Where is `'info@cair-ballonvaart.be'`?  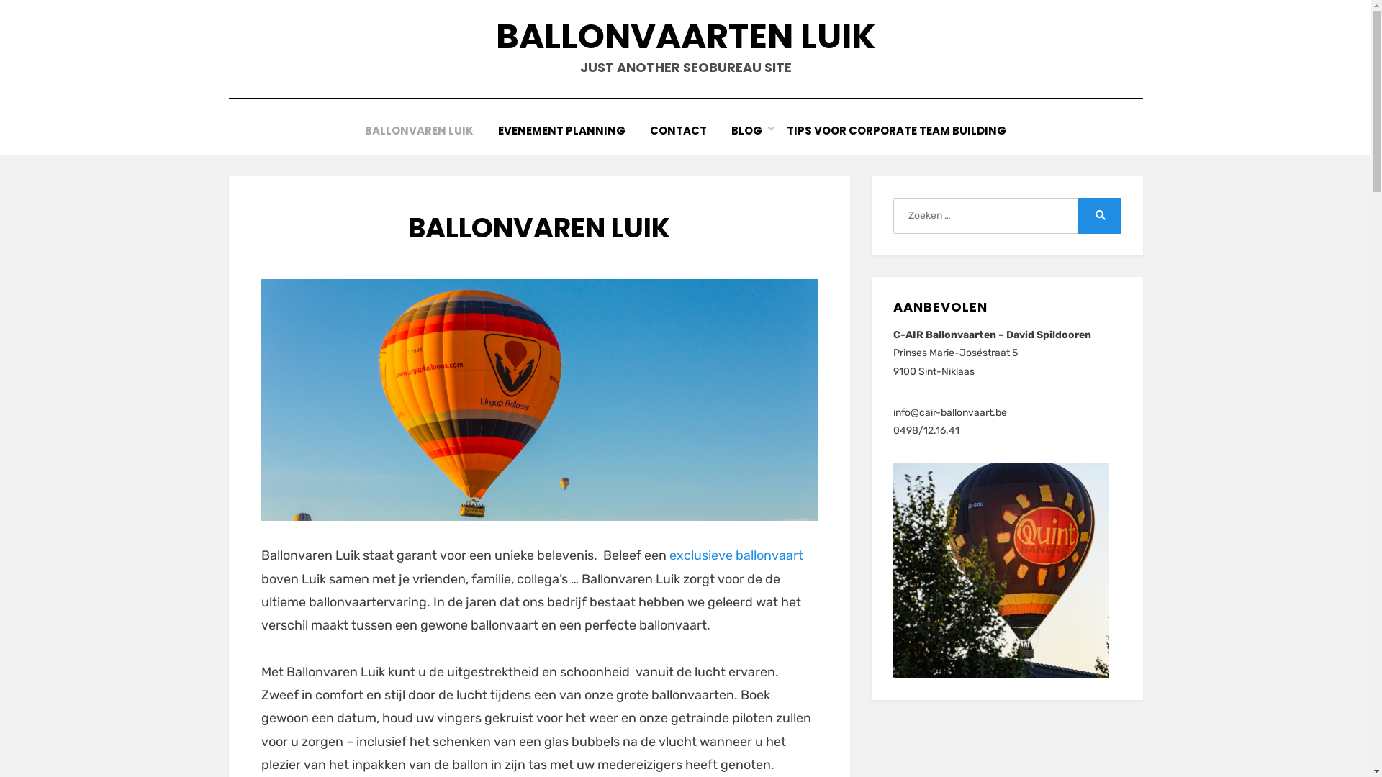
'info@cair-ballonvaart.be' is located at coordinates (950, 412).